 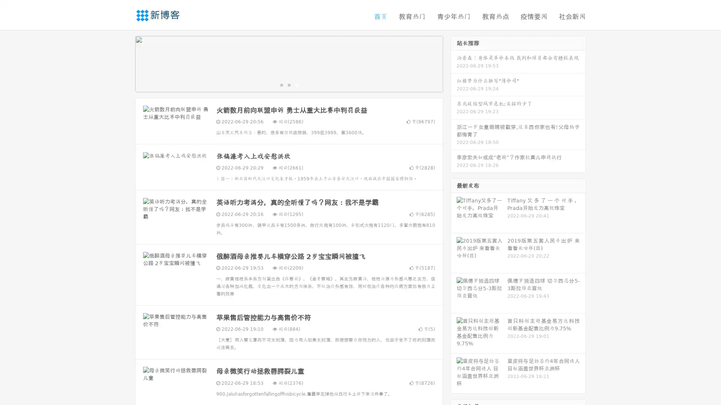 I want to click on Go to slide 2, so click(x=288, y=84).